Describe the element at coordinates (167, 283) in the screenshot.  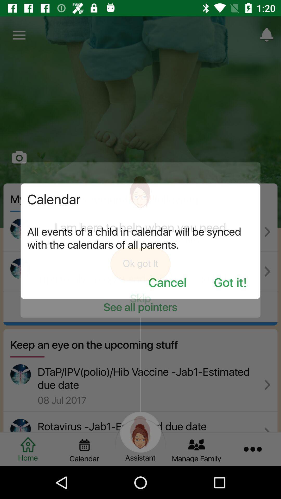
I see `the cancel` at that location.